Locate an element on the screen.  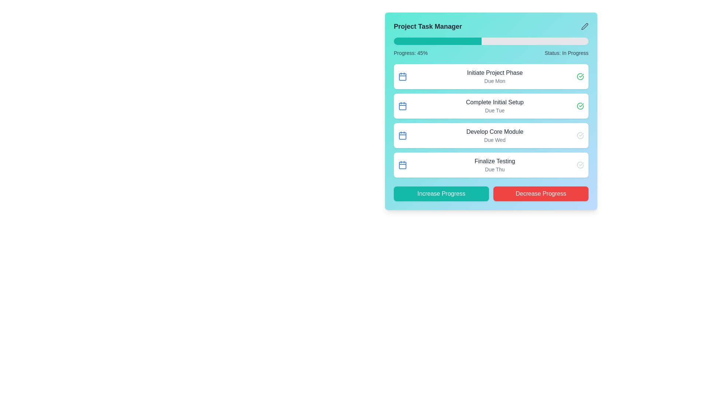
the progress bar located near the top of the 'Project Task Manager' panel, characterized by its gray background and filled teal segment is located at coordinates (491, 41).